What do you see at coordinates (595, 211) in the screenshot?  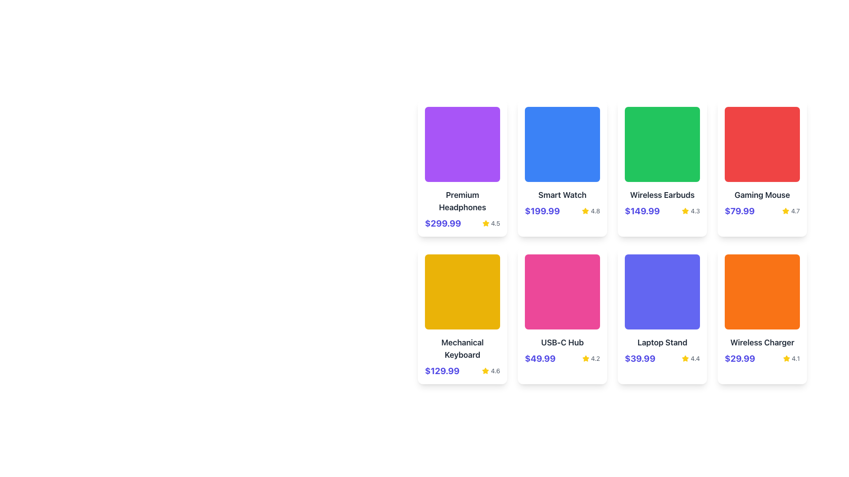 I see `numeric rating value displayed in small gray font adjacent to the yellow star icon within the smart watch product card` at bounding box center [595, 211].